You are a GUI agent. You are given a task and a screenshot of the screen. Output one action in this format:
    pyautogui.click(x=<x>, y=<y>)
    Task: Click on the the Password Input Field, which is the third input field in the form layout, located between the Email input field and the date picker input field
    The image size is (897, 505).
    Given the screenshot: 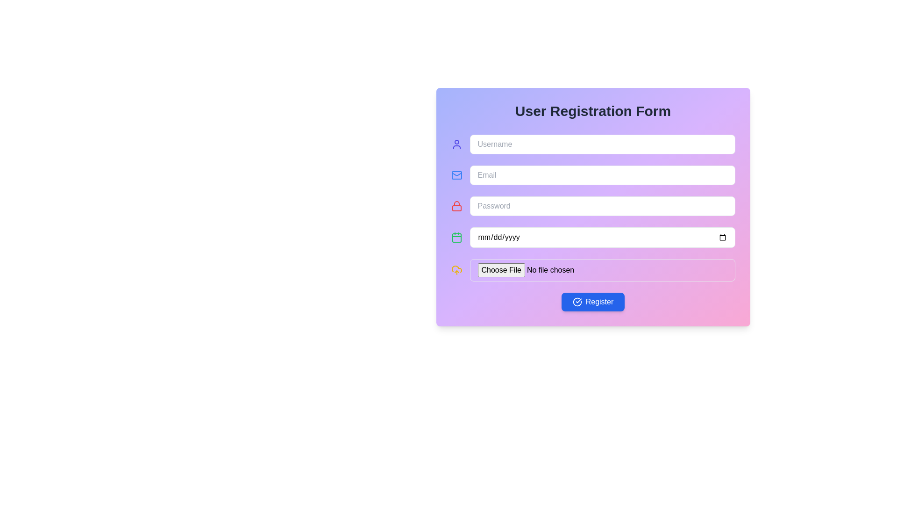 What is the action you would take?
    pyautogui.click(x=602, y=205)
    